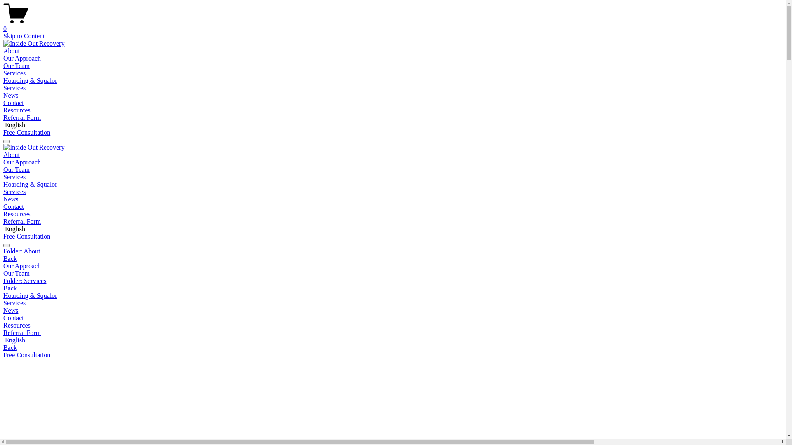 The height and width of the screenshot is (445, 792). I want to click on 'Skip to Content', so click(24, 35).